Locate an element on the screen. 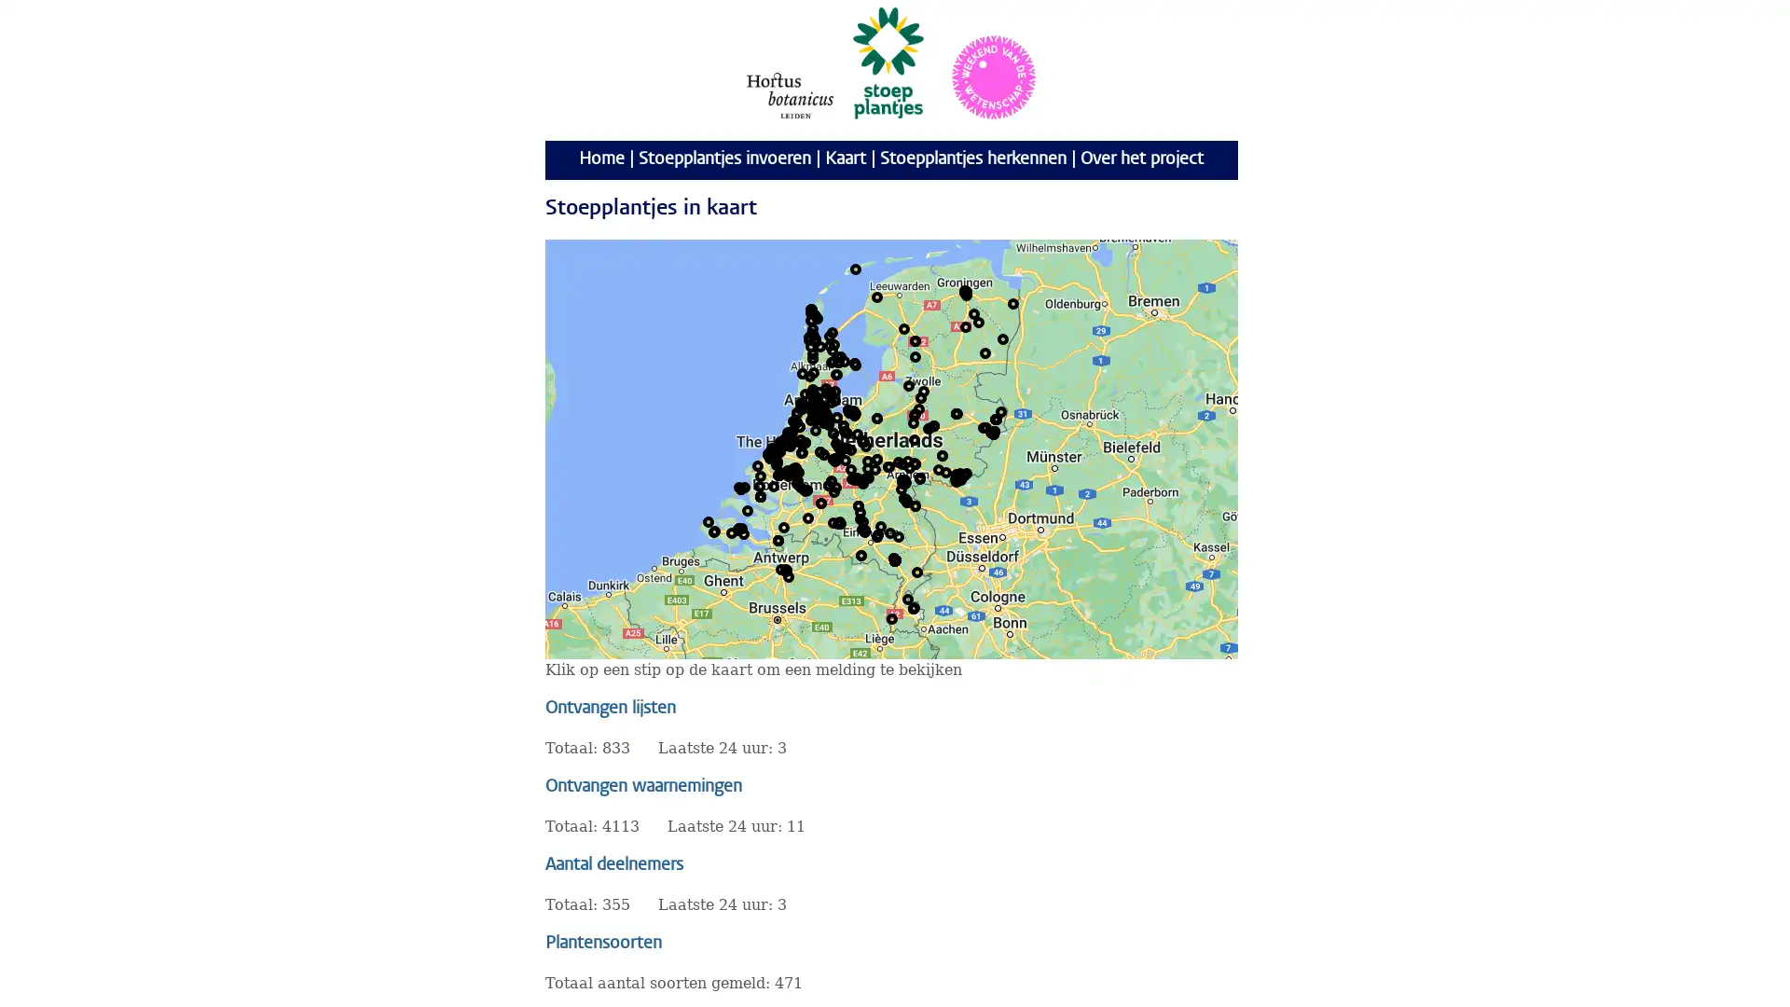 The image size is (1790, 1007). Telling van op 07 maart 2022 is located at coordinates (906, 498).